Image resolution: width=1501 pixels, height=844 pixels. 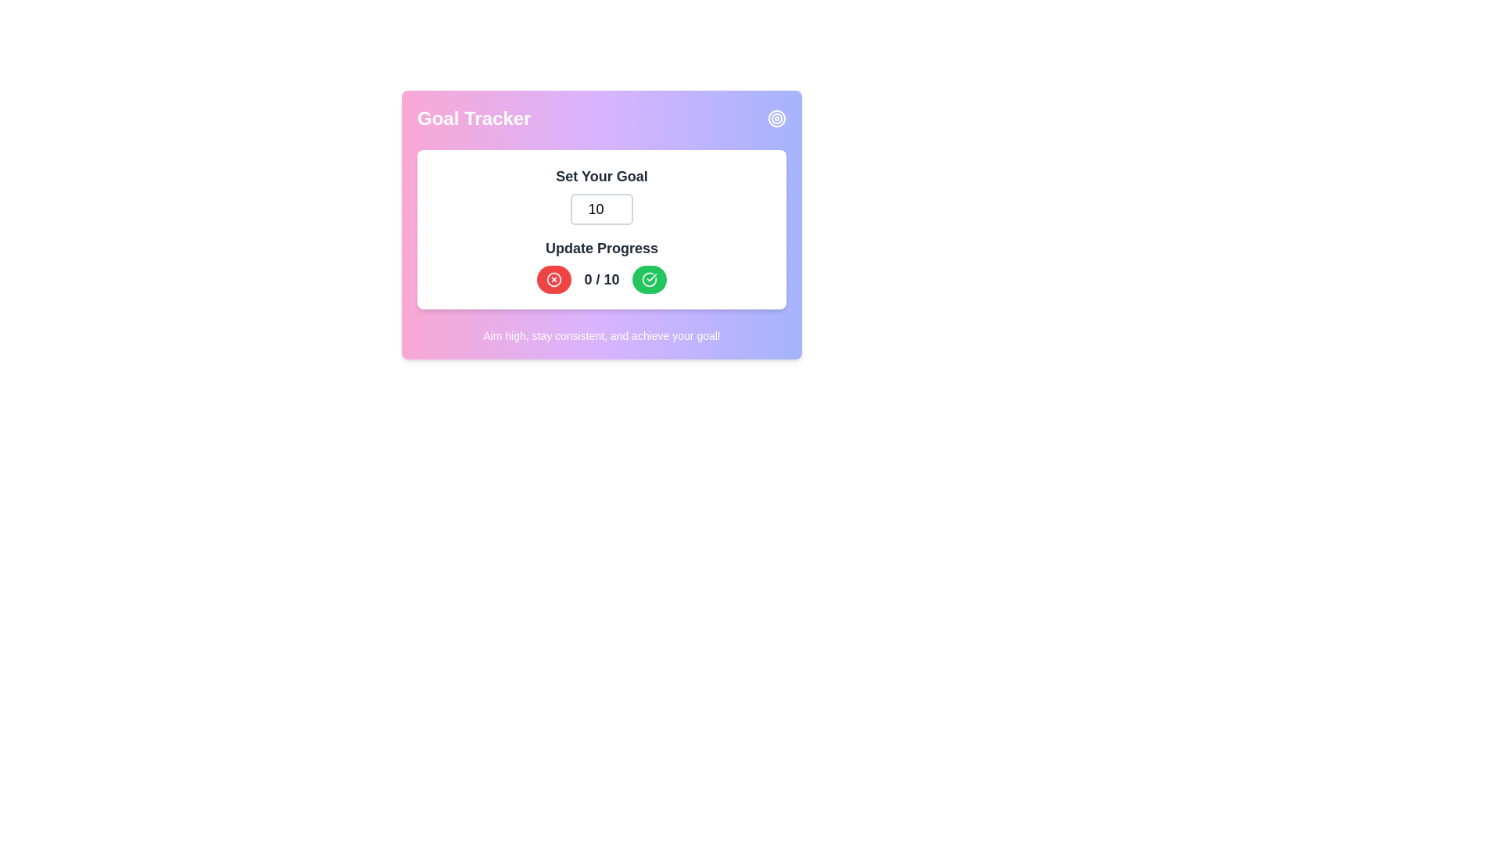 What do you see at coordinates (649, 279) in the screenshot?
I see `the green circular icon with a checkmark located within the button in the 'Goal Tracker' section` at bounding box center [649, 279].